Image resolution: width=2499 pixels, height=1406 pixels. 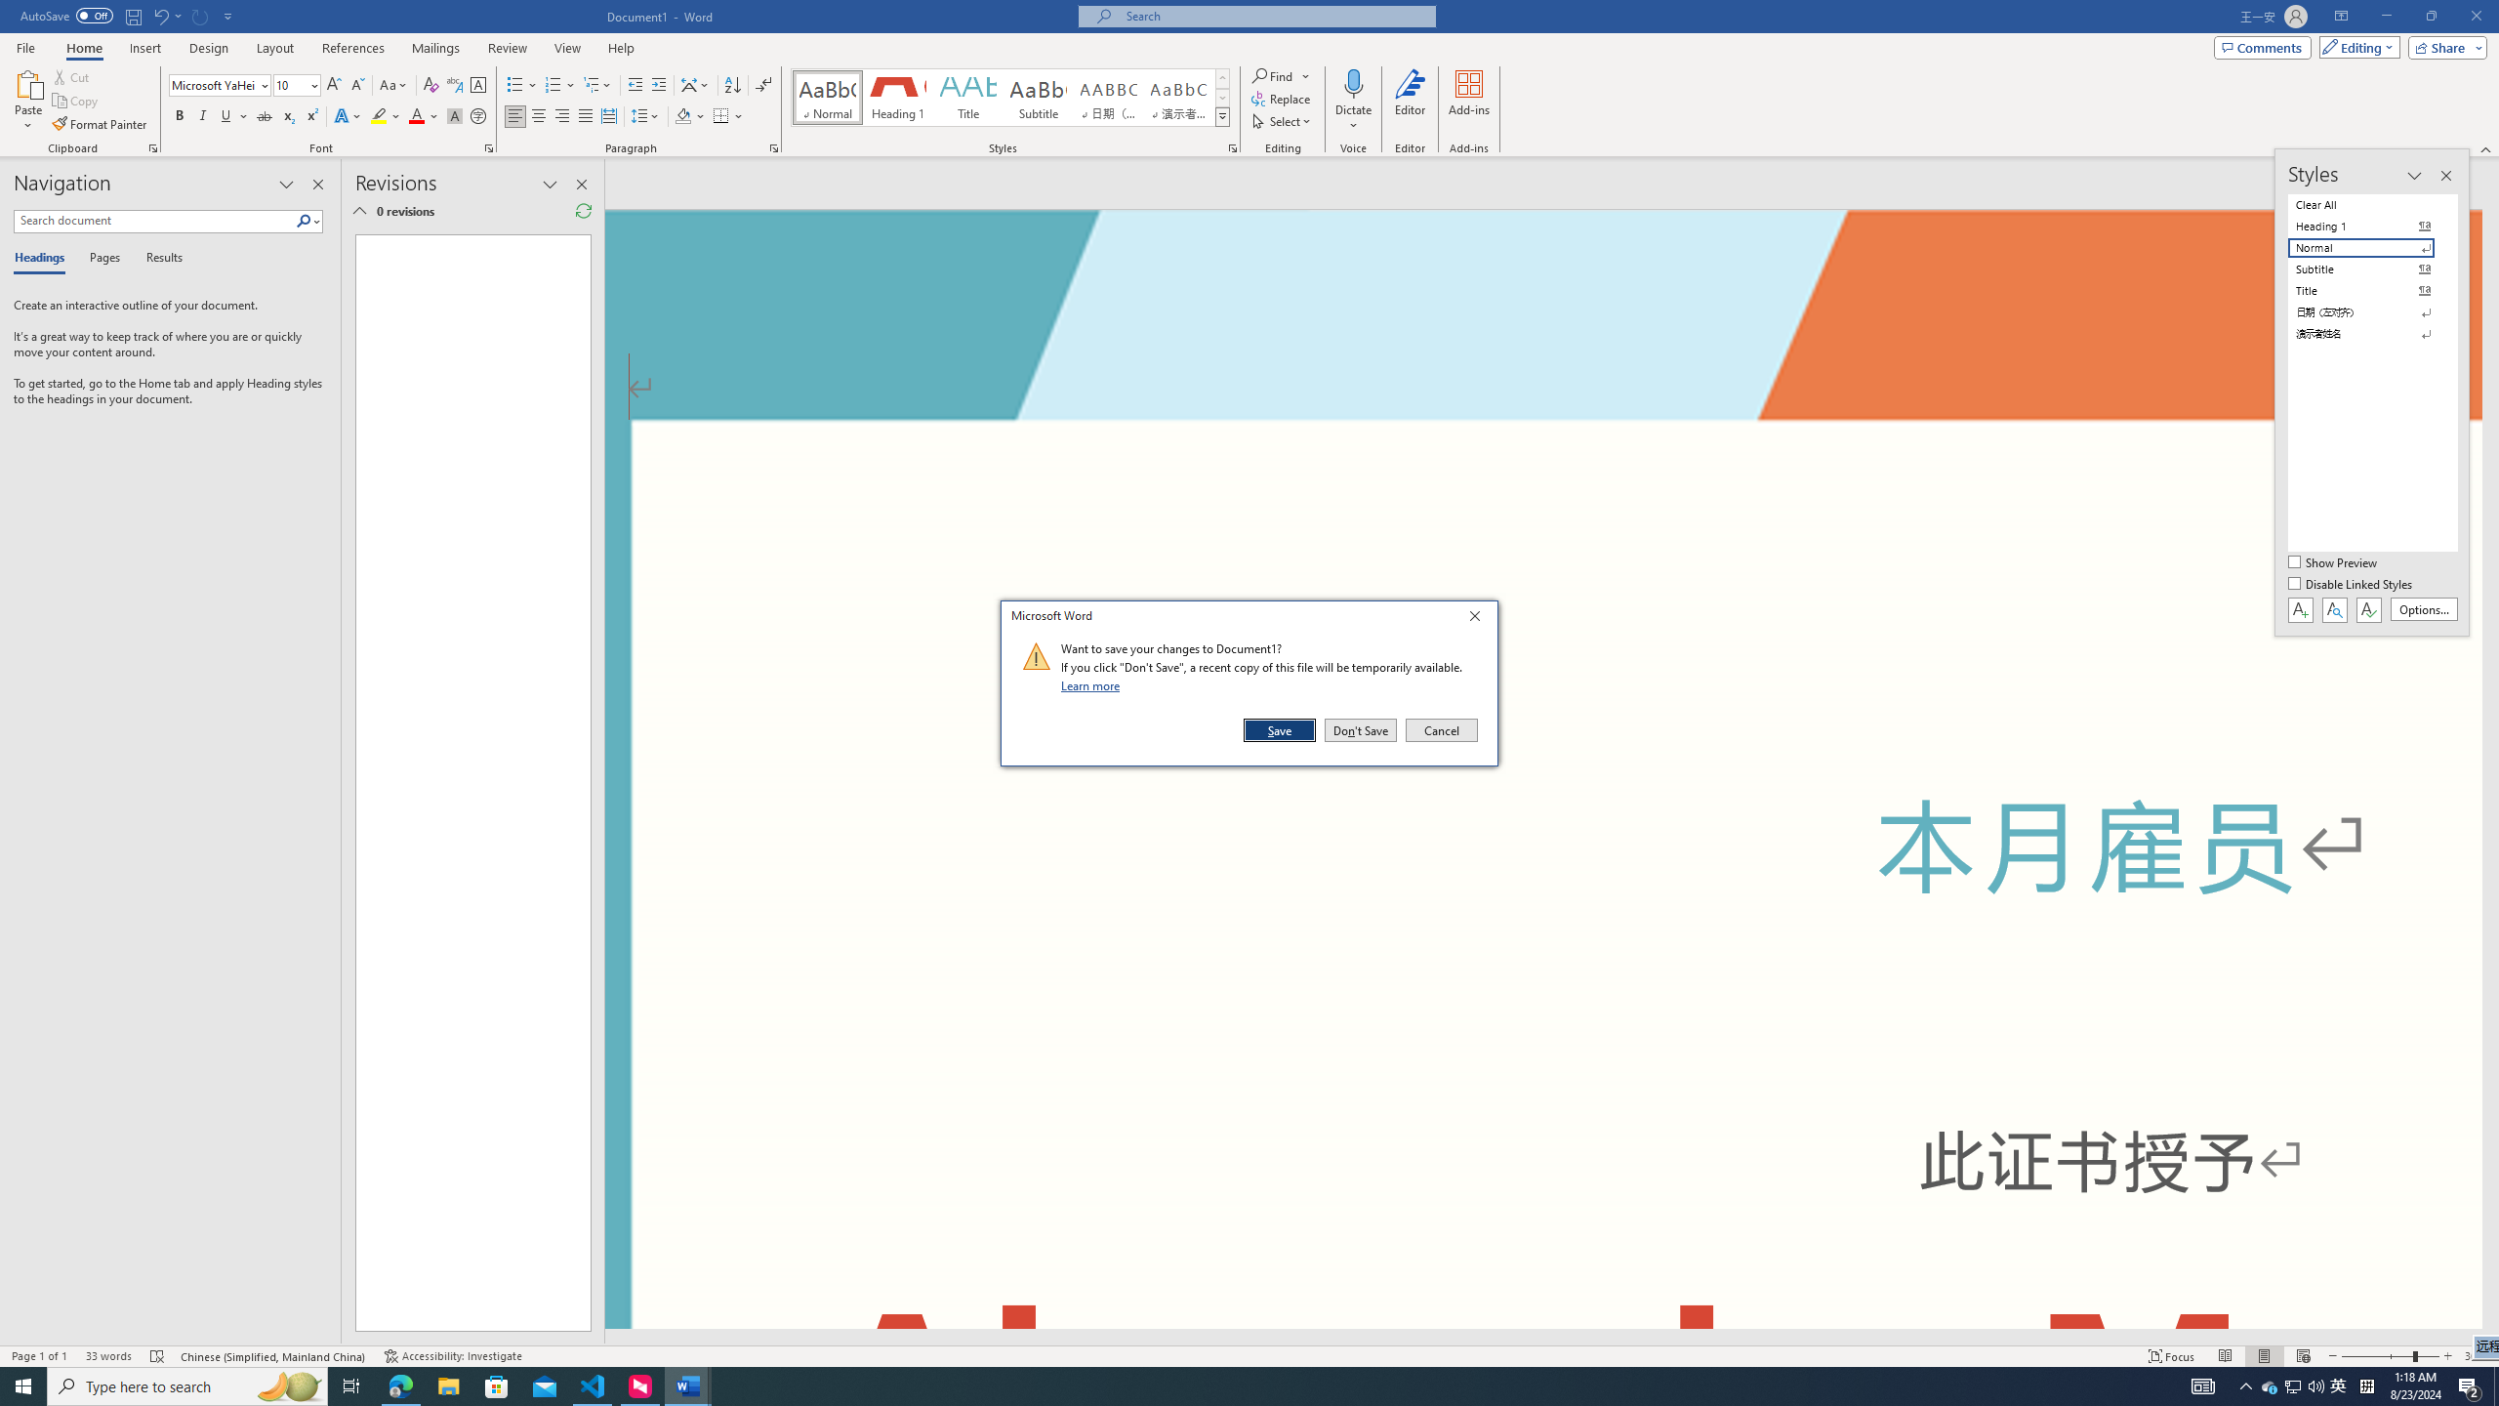 What do you see at coordinates (393, 85) in the screenshot?
I see `'Change Case'` at bounding box center [393, 85].